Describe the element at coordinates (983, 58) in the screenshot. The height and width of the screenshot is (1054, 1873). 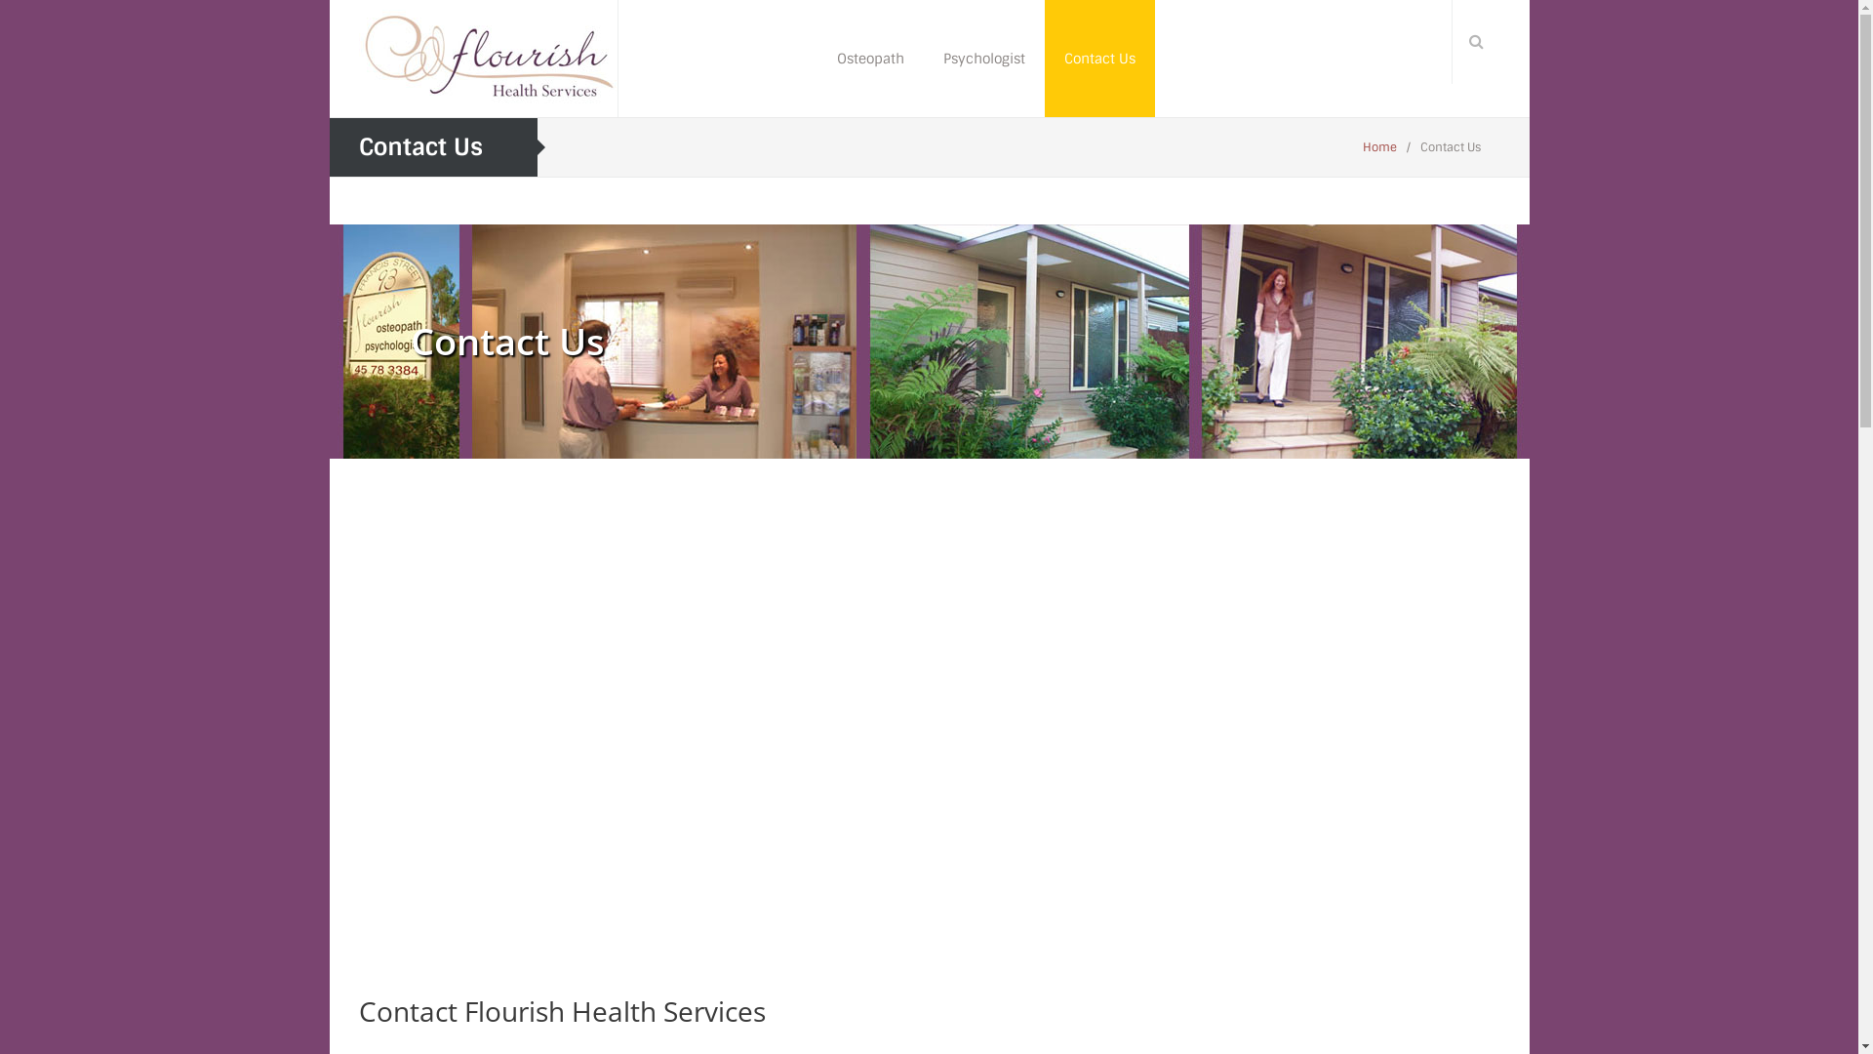
I see `'Psychologist'` at that location.